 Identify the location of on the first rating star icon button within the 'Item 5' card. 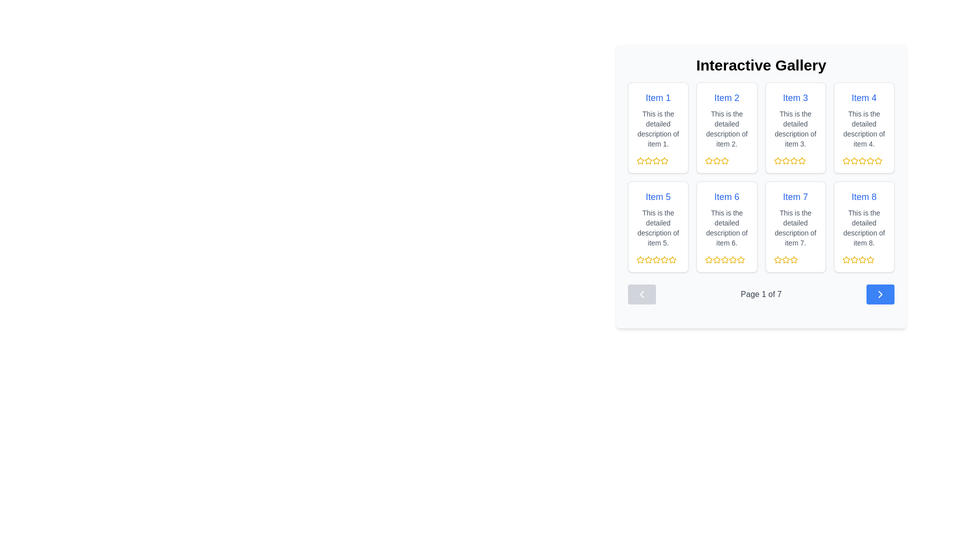
(640, 259).